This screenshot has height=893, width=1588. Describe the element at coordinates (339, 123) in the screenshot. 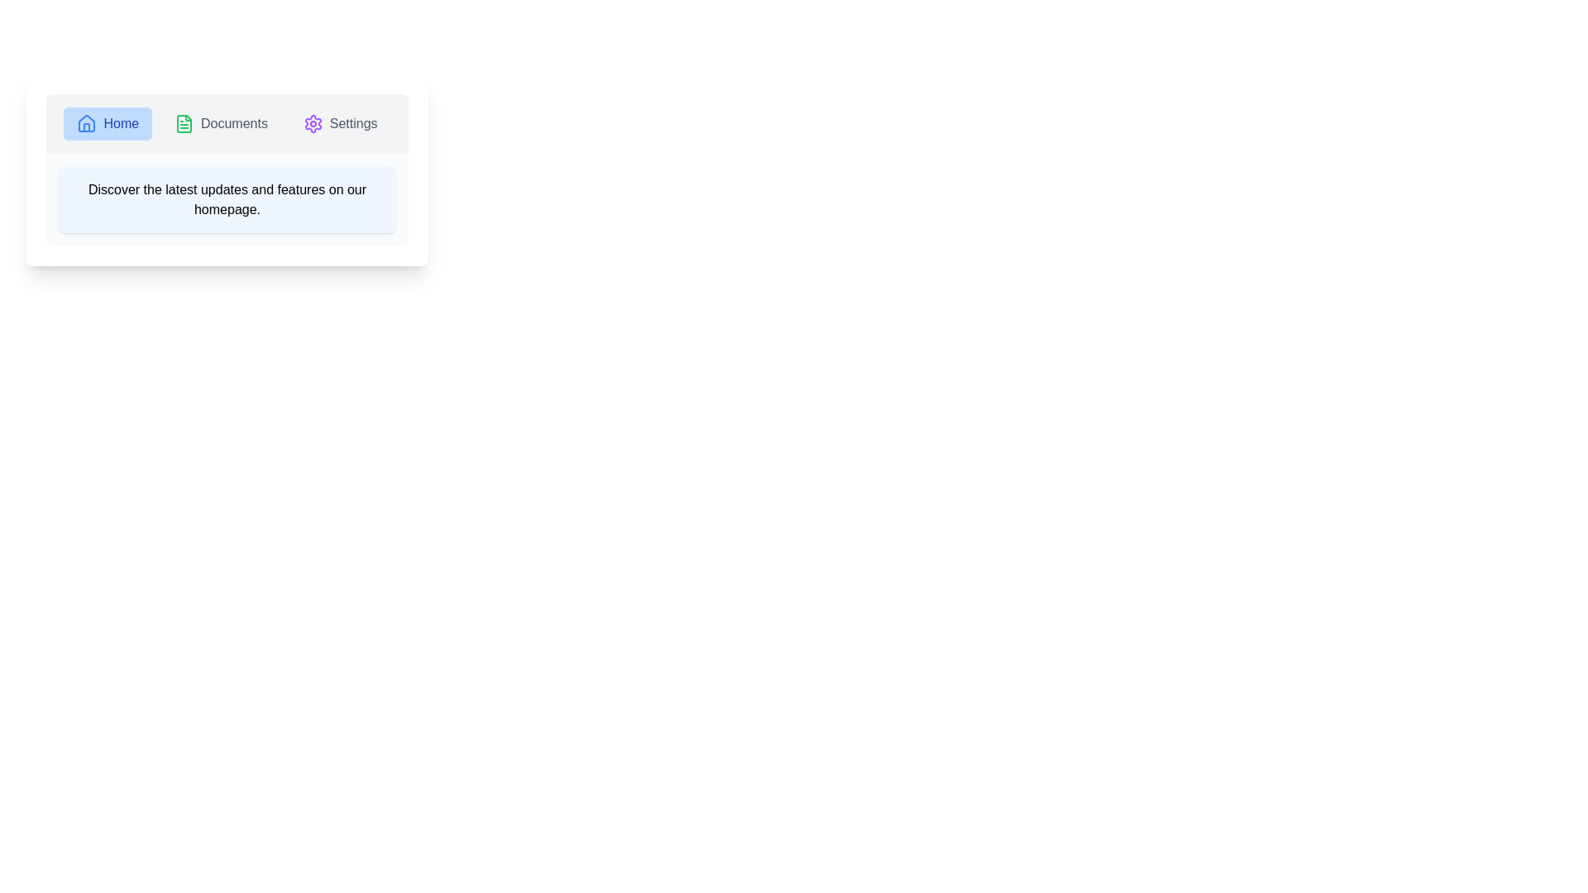

I see `the Settings tab by clicking on it` at that location.